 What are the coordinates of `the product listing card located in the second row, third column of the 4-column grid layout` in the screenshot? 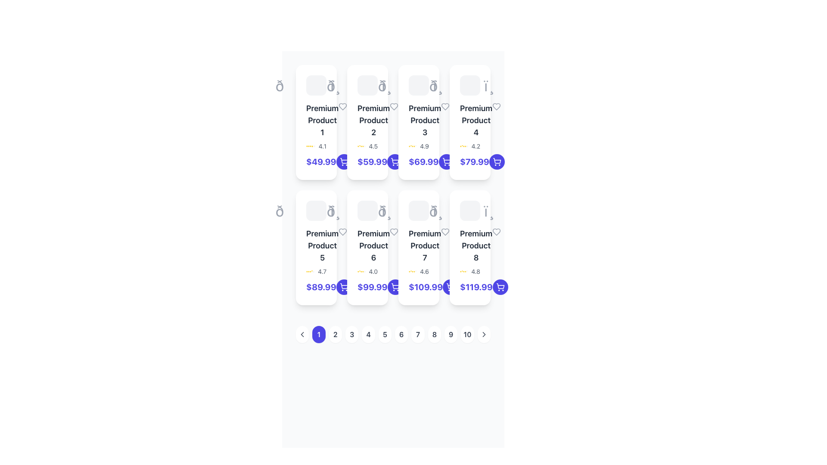 It's located at (419, 248).